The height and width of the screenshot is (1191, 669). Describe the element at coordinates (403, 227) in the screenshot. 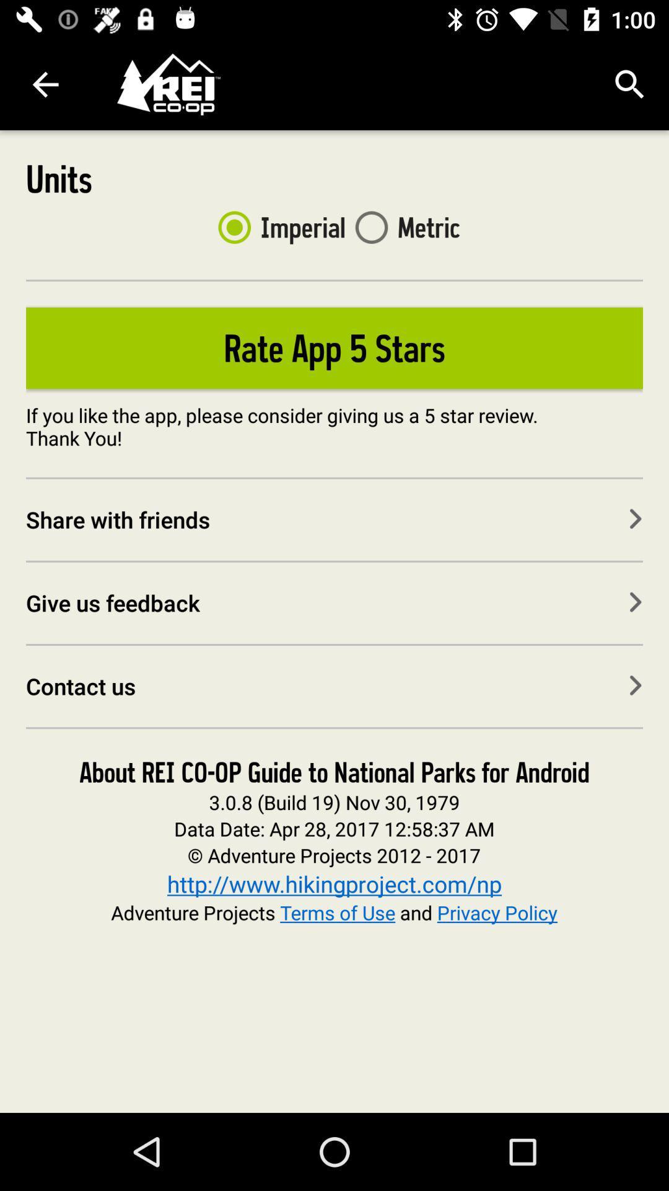

I see `the metric item` at that location.